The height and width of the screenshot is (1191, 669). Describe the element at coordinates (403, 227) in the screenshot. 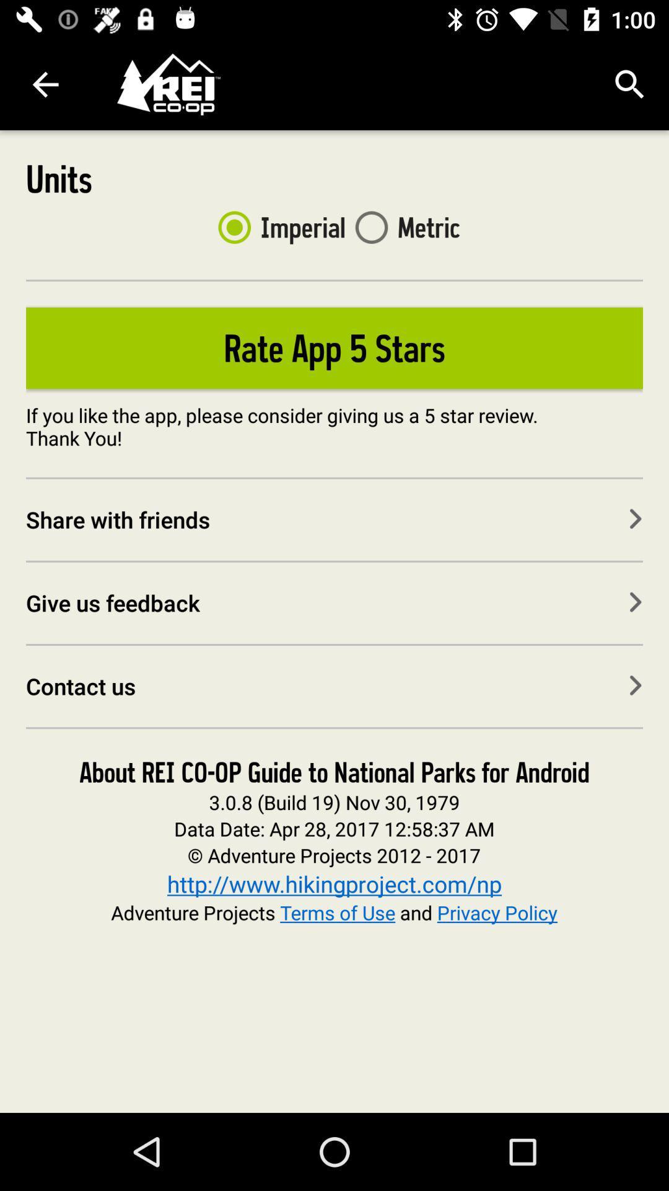

I see `the metric item` at that location.